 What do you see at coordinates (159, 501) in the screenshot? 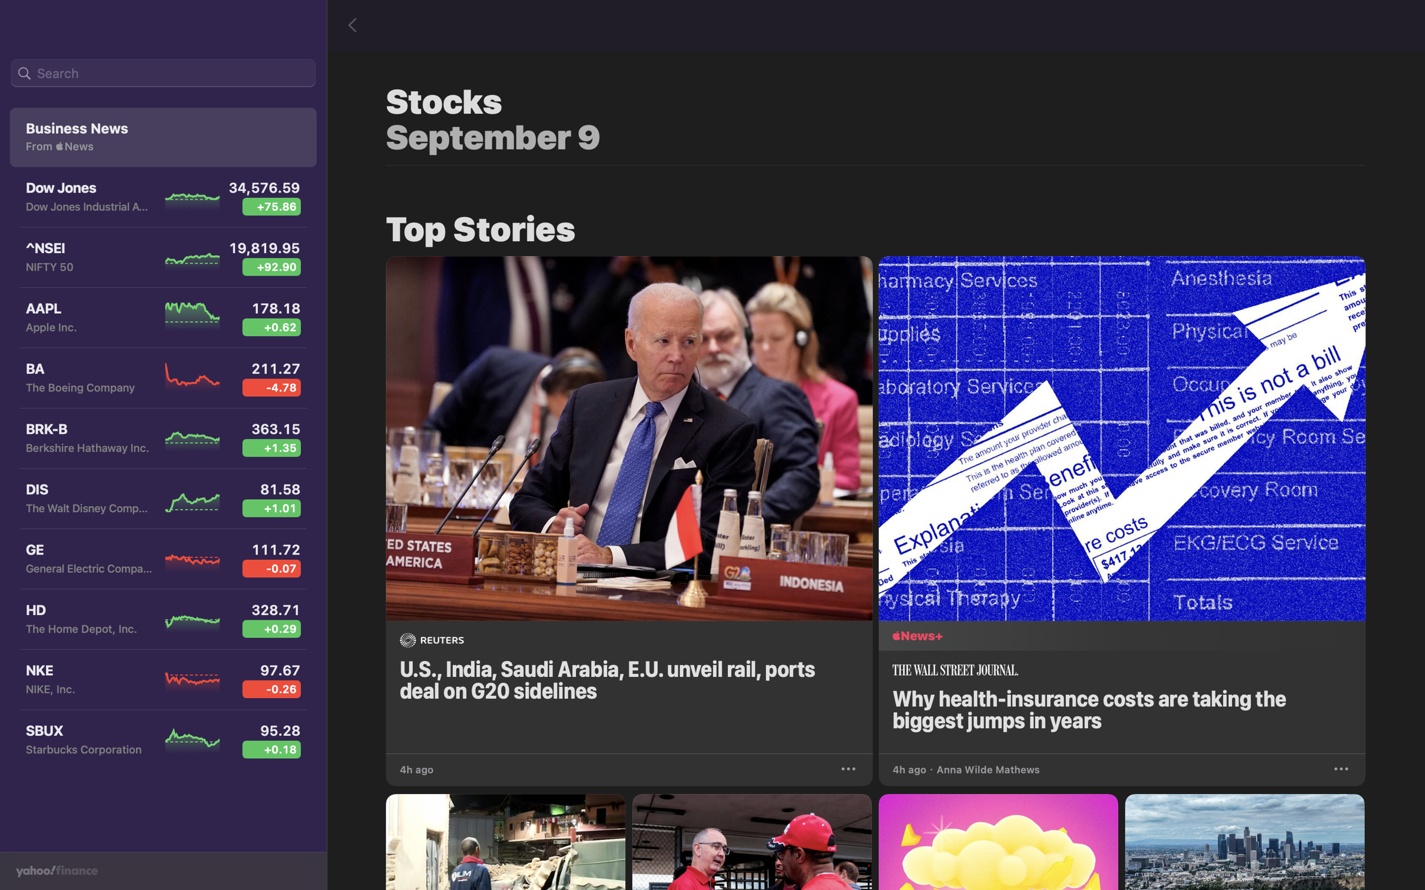
I see `the Walt Disney stock page` at bounding box center [159, 501].